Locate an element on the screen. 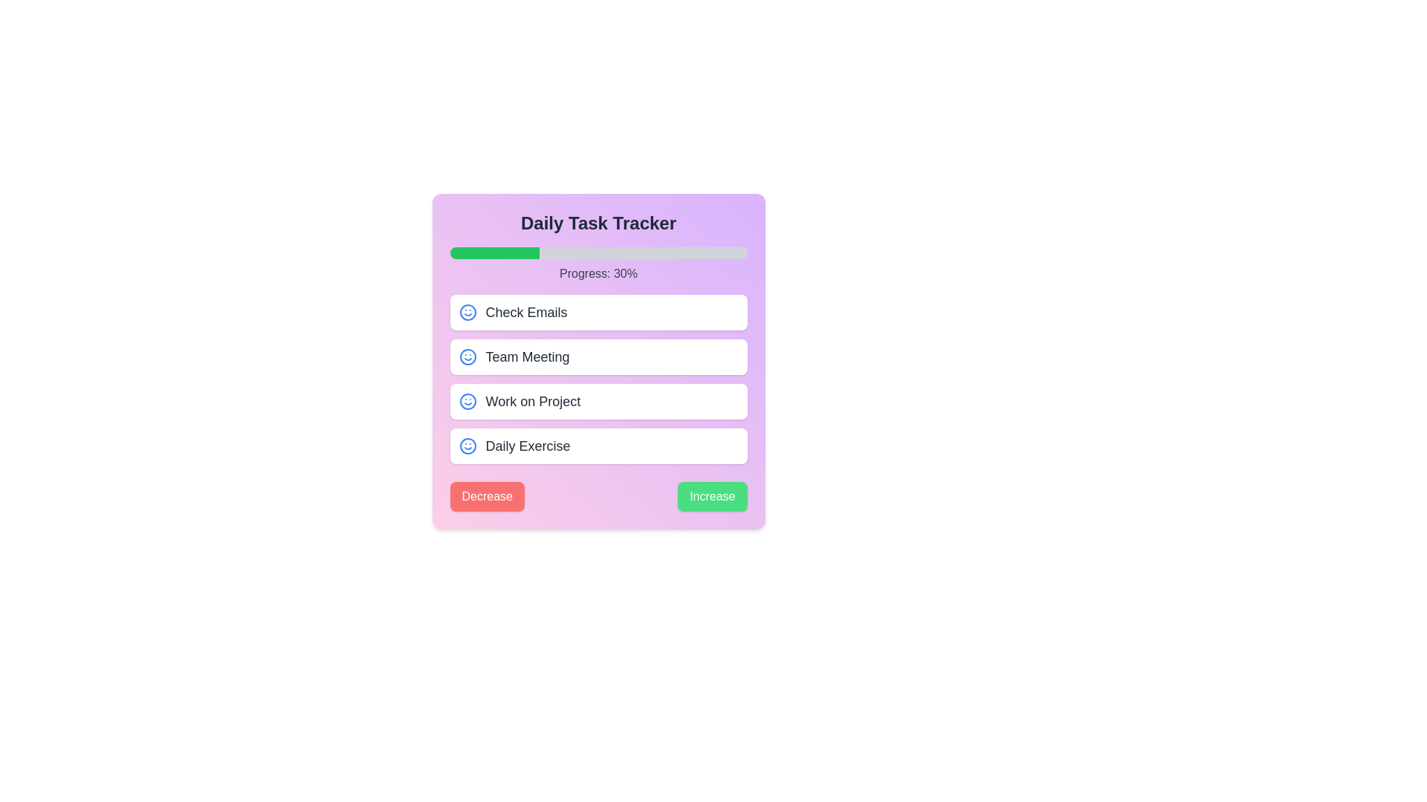  the decorative circle with a blue border located within the smiley icon of the third task 'Work on Project' in the task tracker is located at coordinates (467, 401).